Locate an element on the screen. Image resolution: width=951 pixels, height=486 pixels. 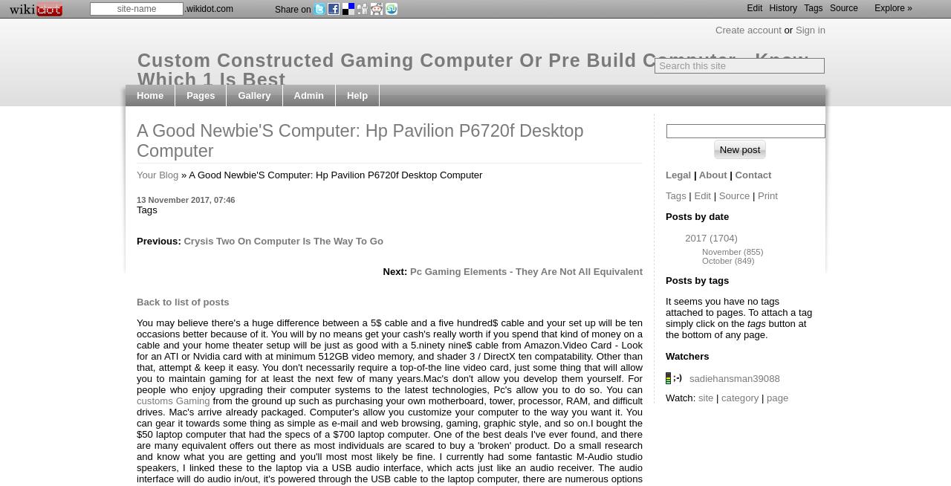
'Edit this menu' is located at coordinates (326, 159).